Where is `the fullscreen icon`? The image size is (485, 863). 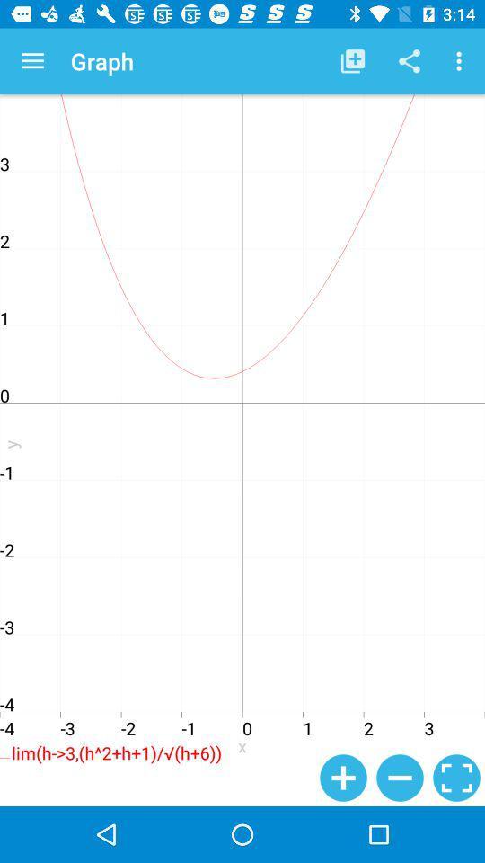
the fullscreen icon is located at coordinates (456, 777).